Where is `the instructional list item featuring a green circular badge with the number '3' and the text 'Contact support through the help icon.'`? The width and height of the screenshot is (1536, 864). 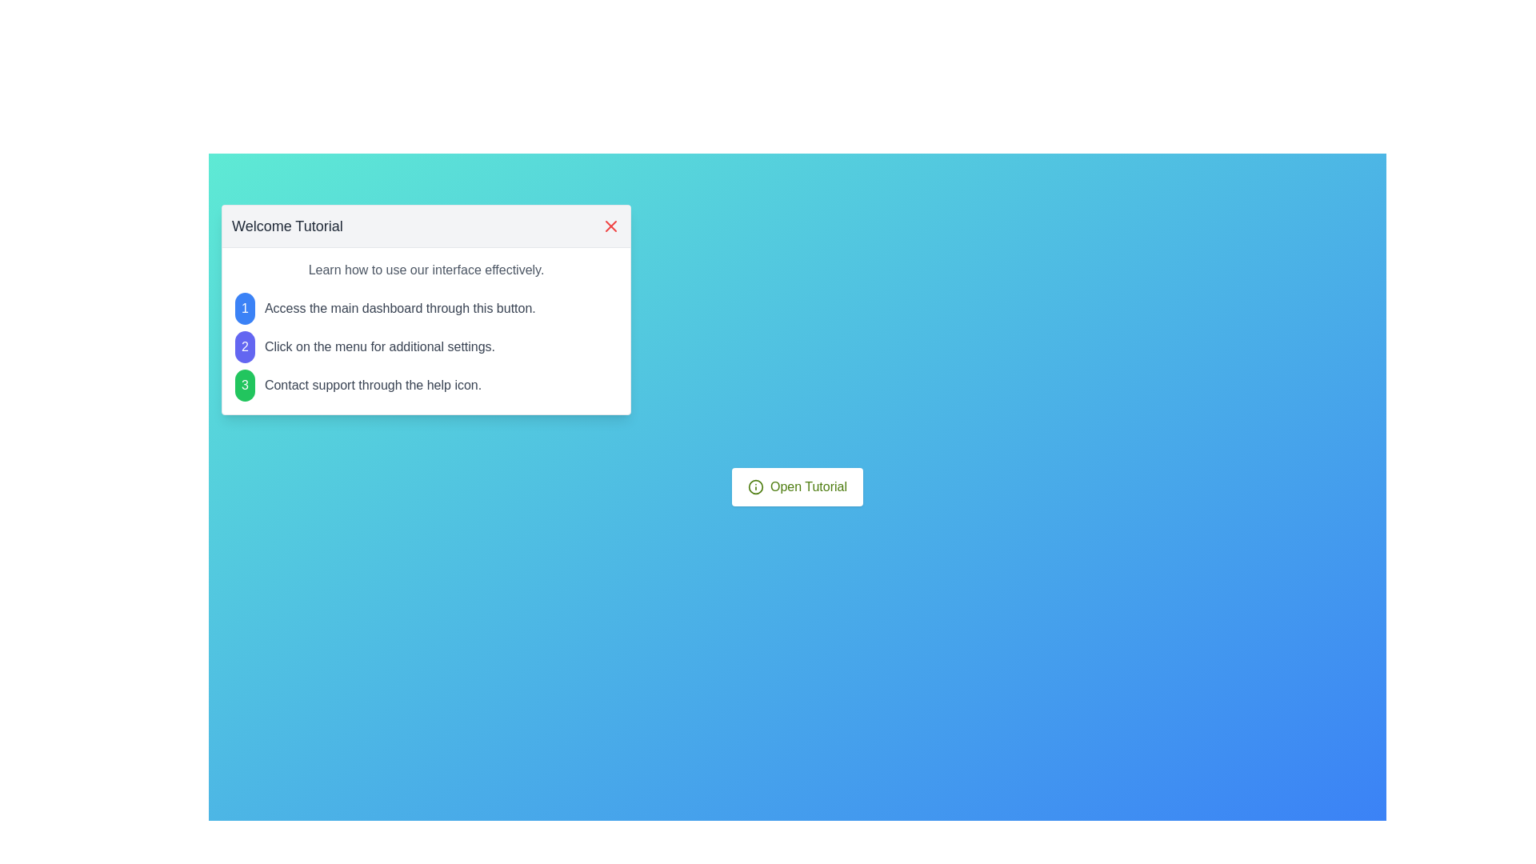
the instructional list item featuring a green circular badge with the number '3' and the text 'Contact support through the help icon.' is located at coordinates (426, 386).